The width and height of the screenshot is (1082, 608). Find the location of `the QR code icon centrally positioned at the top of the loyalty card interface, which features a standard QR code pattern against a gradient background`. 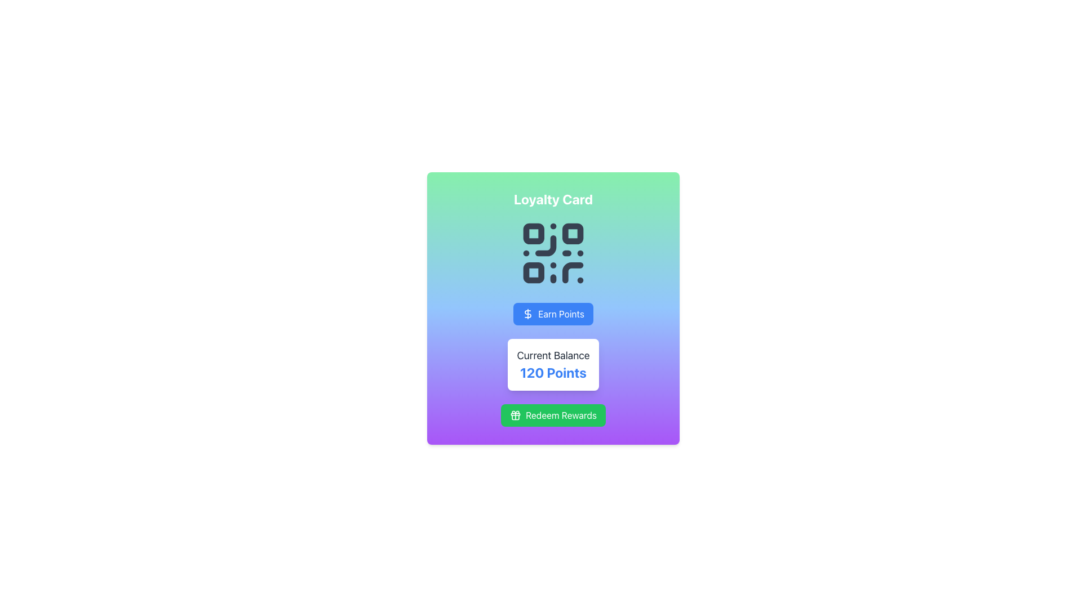

the QR code icon centrally positioned at the top of the loyalty card interface, which features a standard QR code pattern against a gradient background is located at coordinates (553, 253).